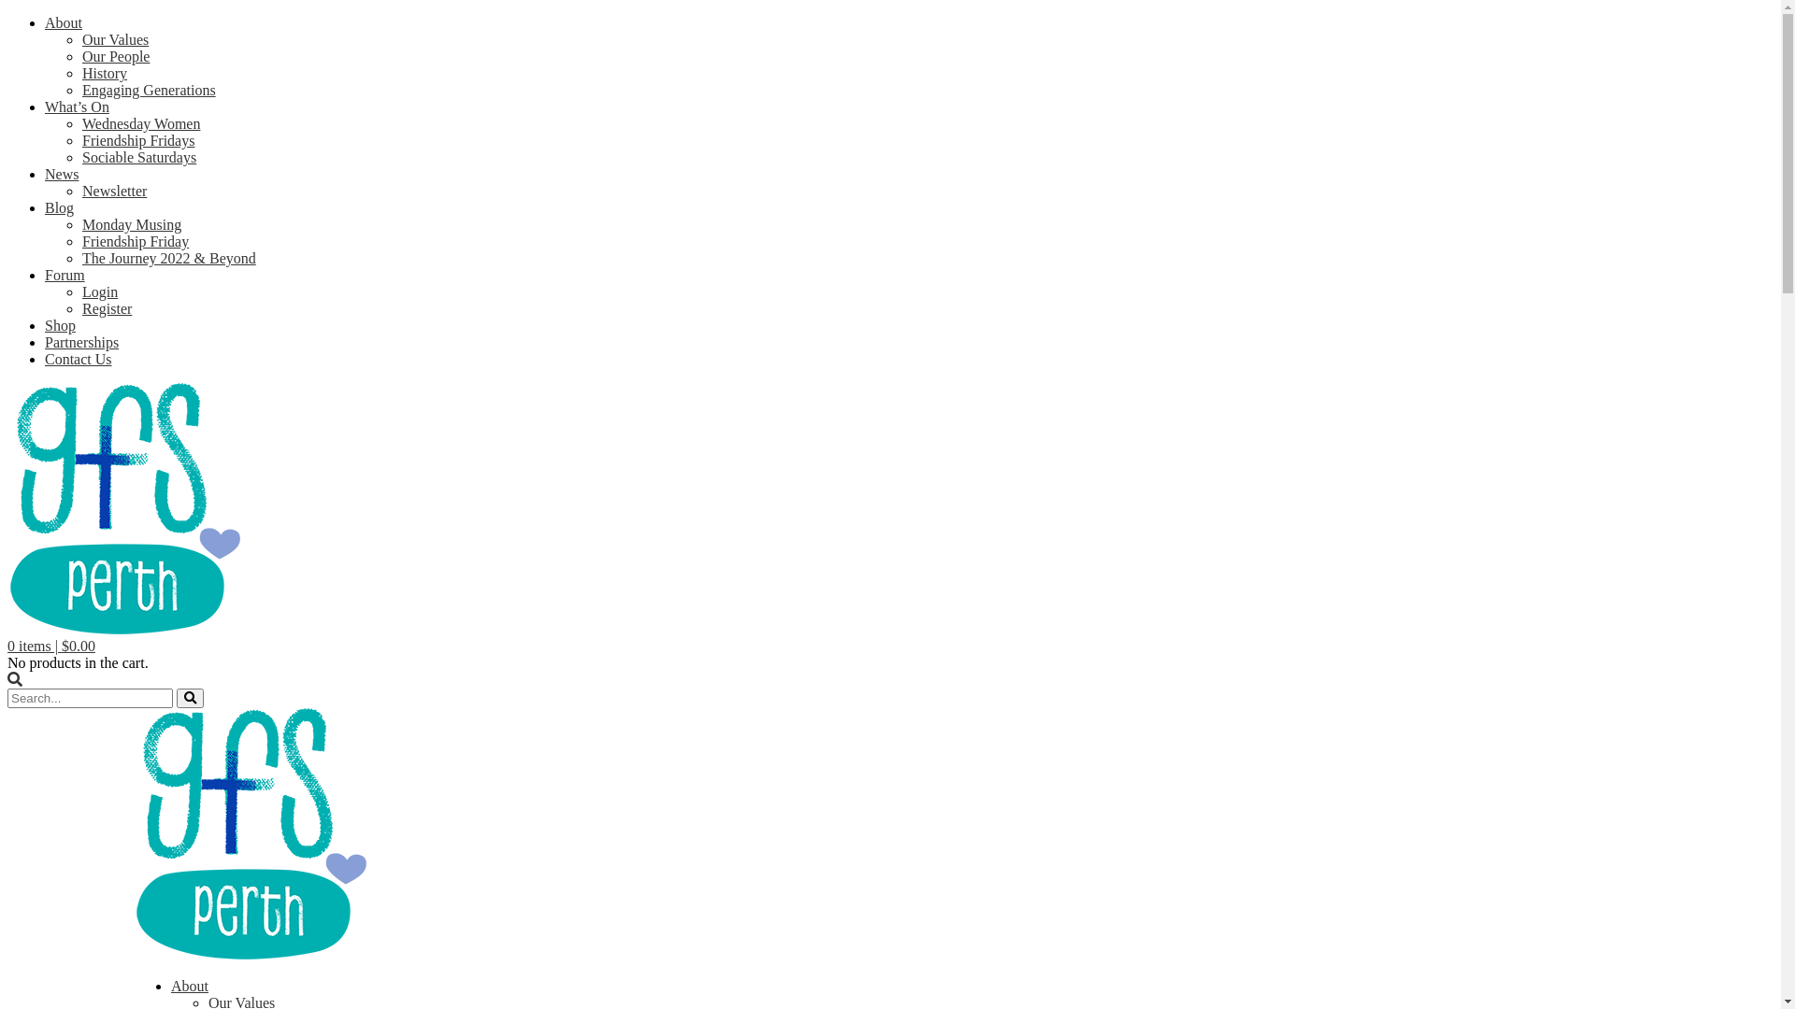 The height and width of the screenshot is (1009, 1795). I want to click on 'Partnerships', so click(80, 342).